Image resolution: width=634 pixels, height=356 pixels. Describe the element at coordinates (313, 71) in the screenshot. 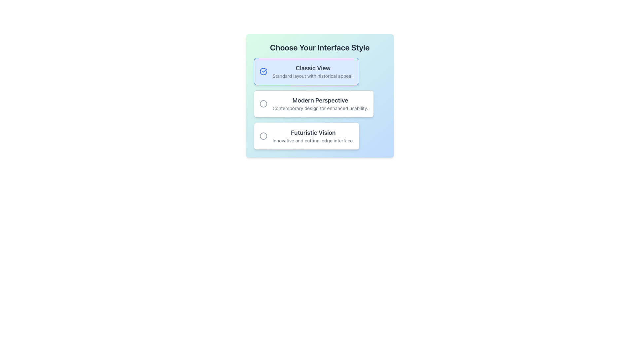

I see `the 'Classic View' text block within the 'Choose Your Interface Style' list` at that location.